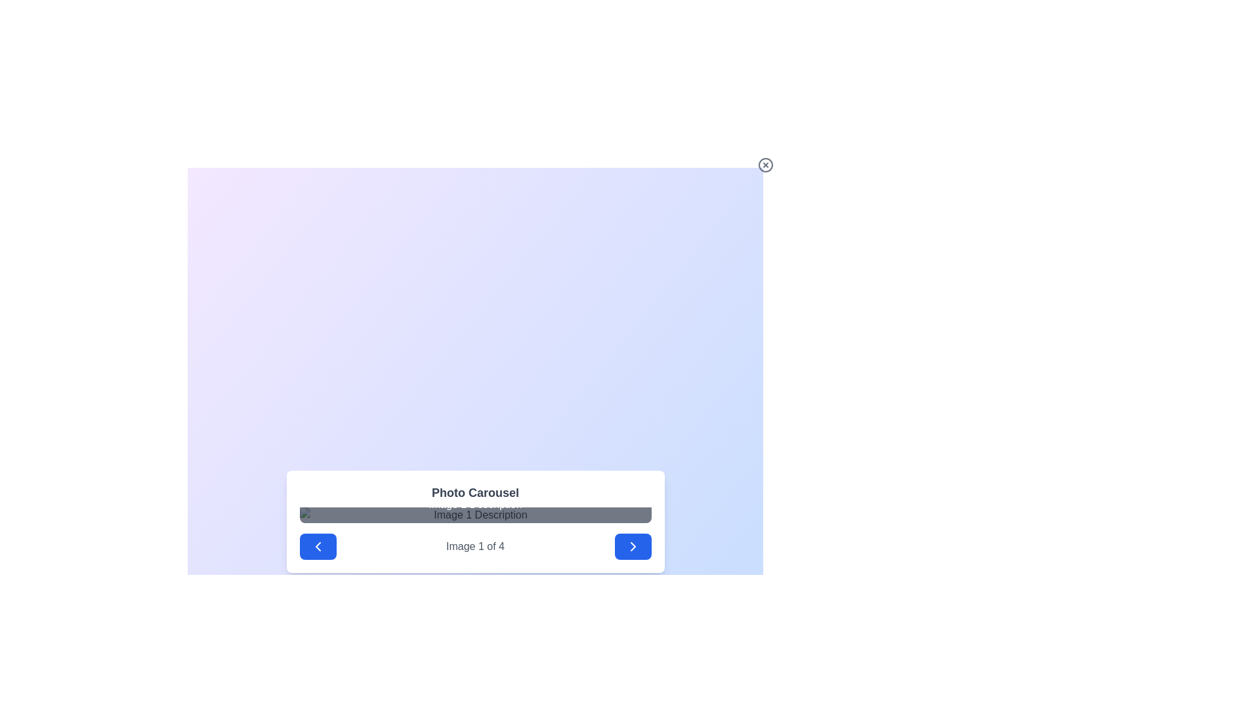 Image resolution: width=1260 pixels, height=708 pixels. Describe the element at coordinates (318, 546) in the screenshot. I see `the blue rectangular button with rounded corners and a left-pointing chevron icon` at that location.